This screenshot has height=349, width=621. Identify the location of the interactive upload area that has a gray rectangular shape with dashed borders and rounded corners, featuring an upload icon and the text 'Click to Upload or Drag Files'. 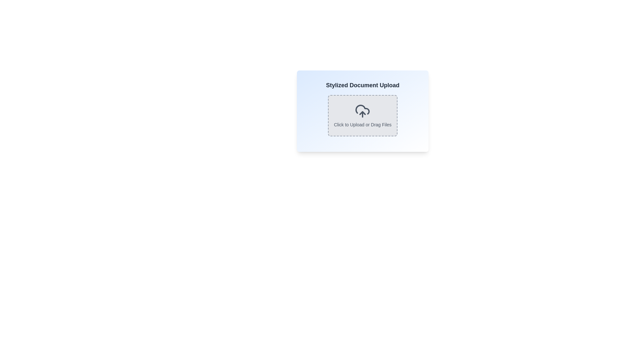
(363, 115).